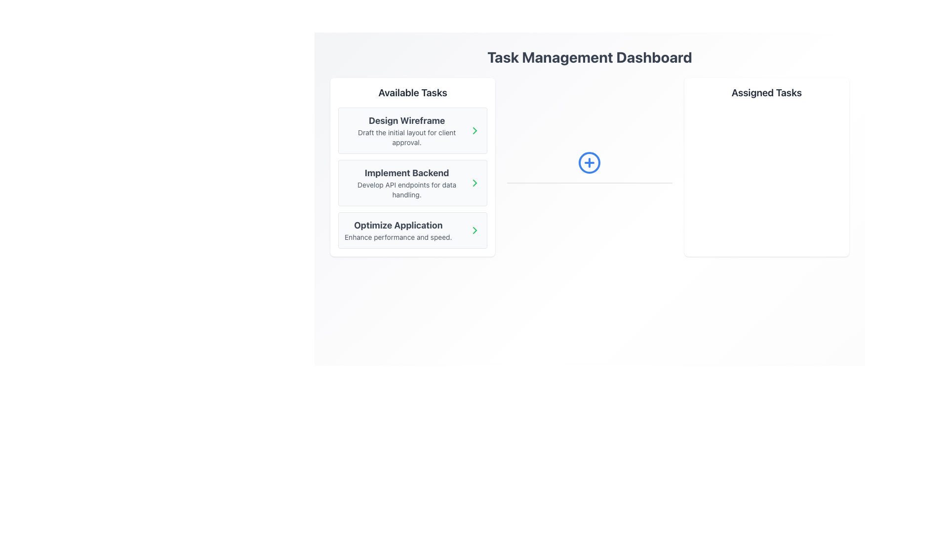 The image size is (948, 533). Describe the element at coordinates (413, 93) in the screenshot. I see `the header text element that indicates the list of tasks available to the user, located at the top of the left pane of the dashboard` at that location.